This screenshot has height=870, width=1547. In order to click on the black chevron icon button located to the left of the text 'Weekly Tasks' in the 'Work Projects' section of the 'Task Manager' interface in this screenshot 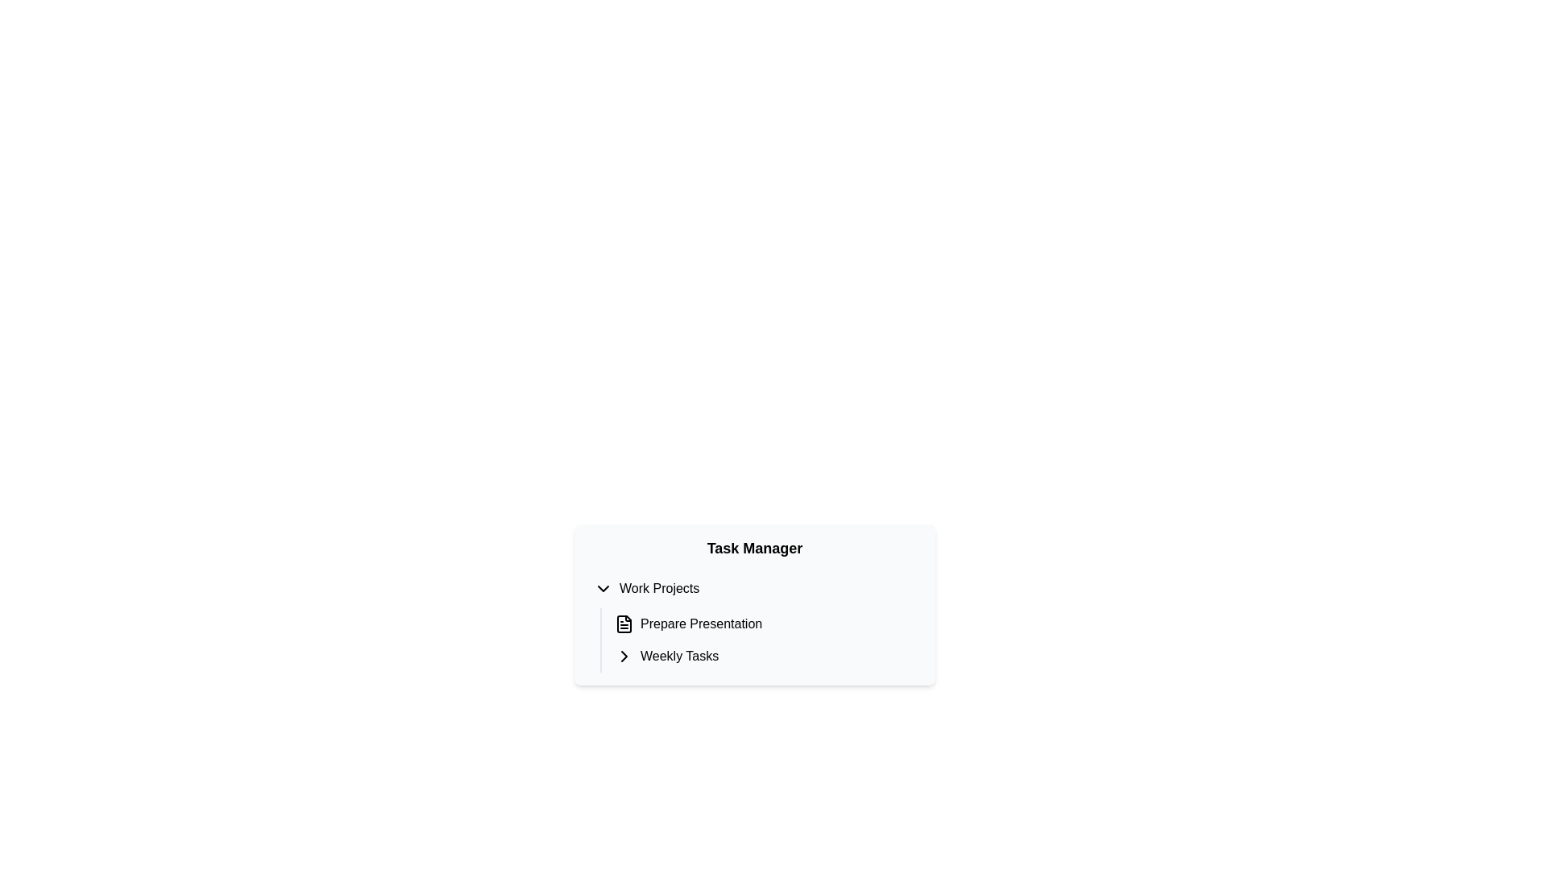, I will do `click(623, 656)`.